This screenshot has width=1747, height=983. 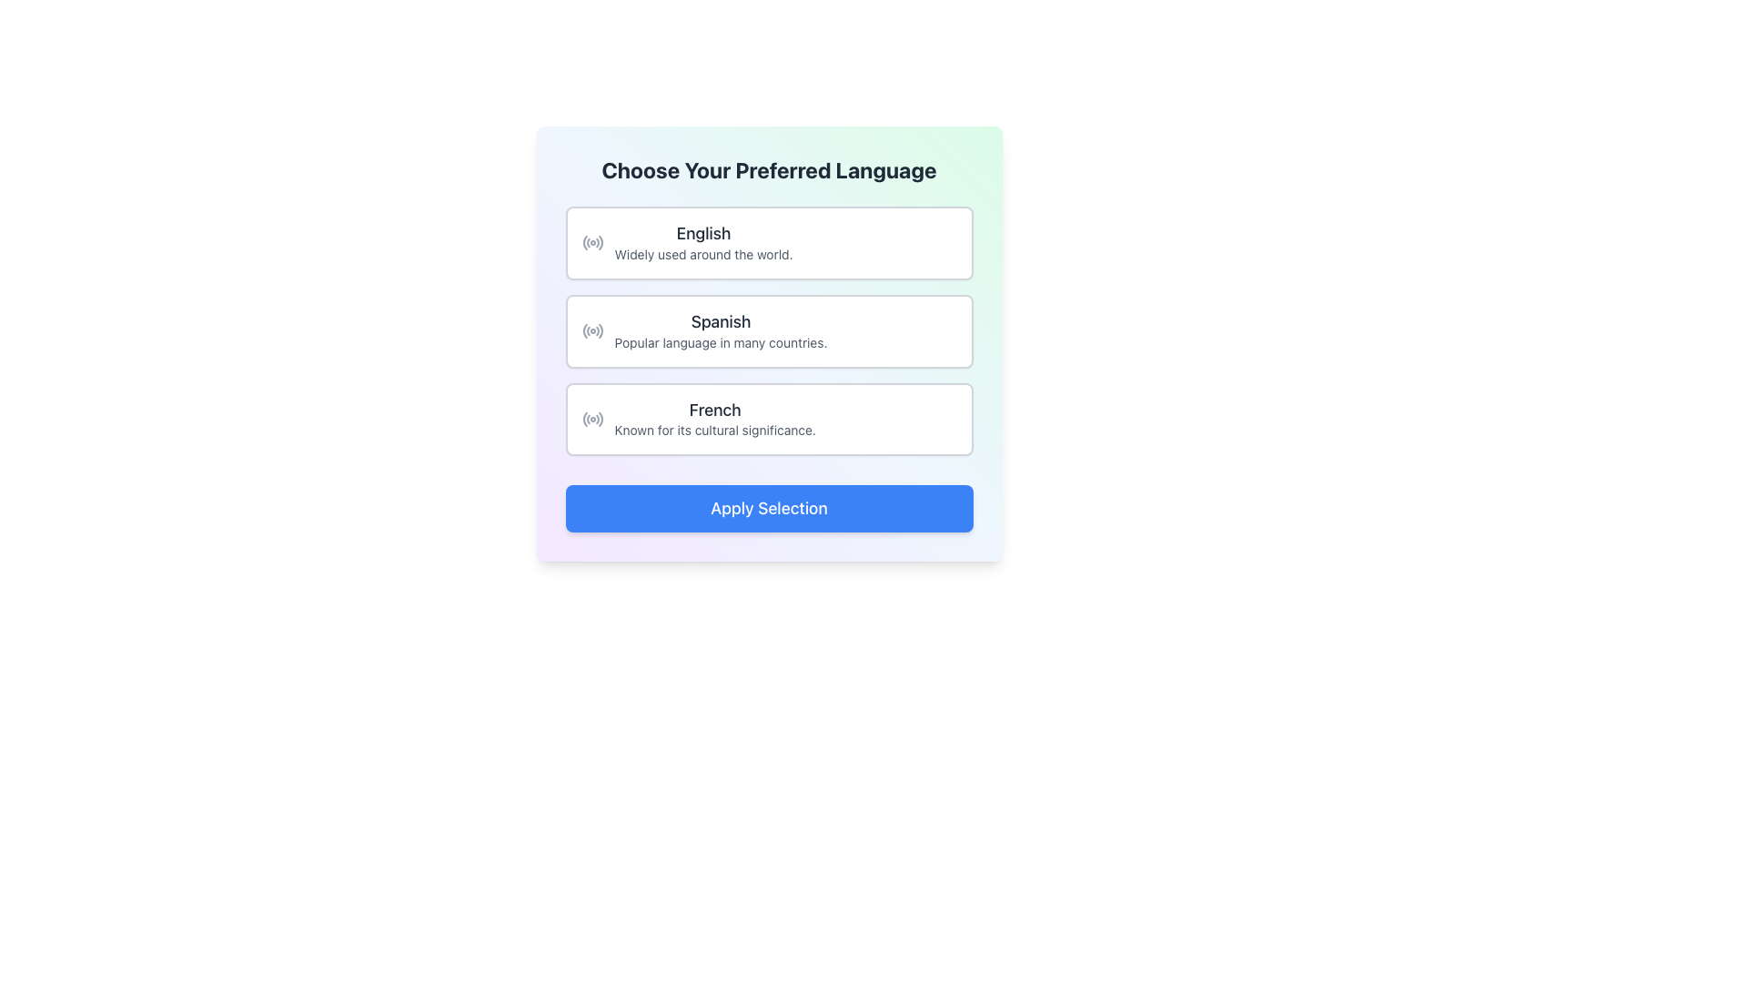 I want to click on the decorative curved line within the SVG icon that enhances the UI aesthetics for the 'English' language selection, located left of the text 'English', so click(x=588, y=242).